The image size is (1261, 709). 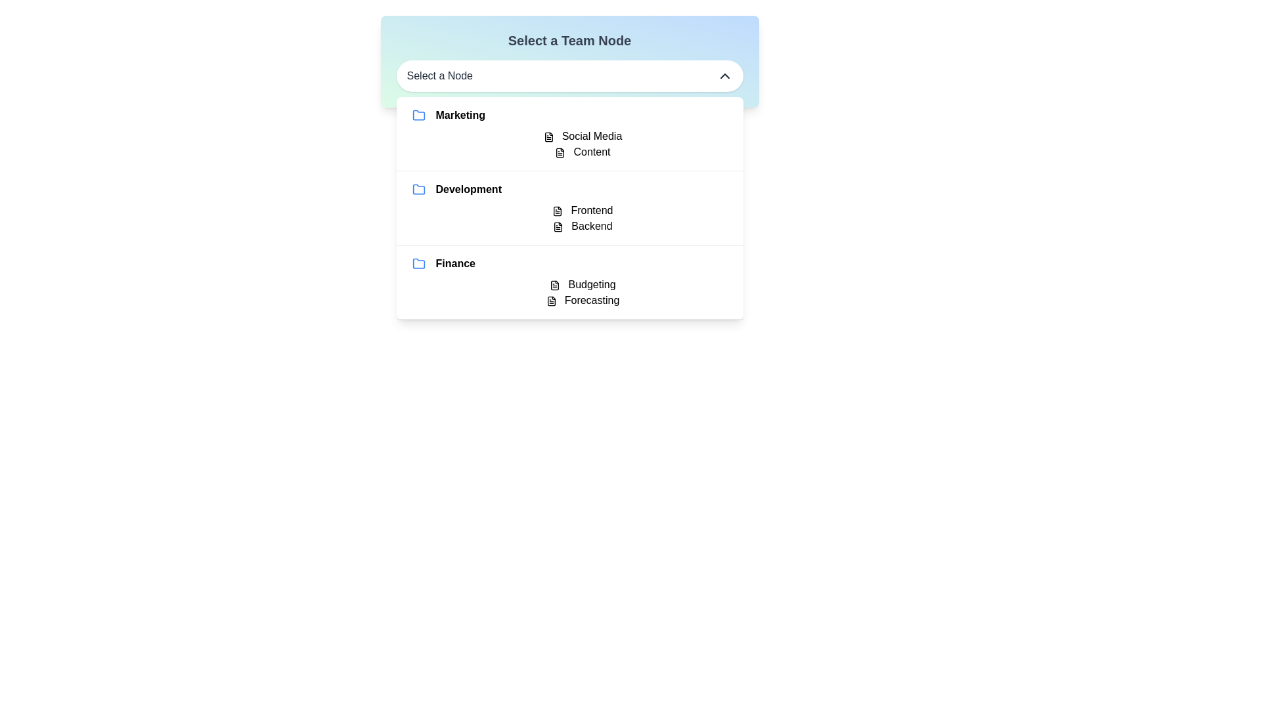 I want to click on the document icon representing text content, which is located to the left of the 'Social Media' label in the 'Marketing' category dropdown menu, so click(x=548, y=137).